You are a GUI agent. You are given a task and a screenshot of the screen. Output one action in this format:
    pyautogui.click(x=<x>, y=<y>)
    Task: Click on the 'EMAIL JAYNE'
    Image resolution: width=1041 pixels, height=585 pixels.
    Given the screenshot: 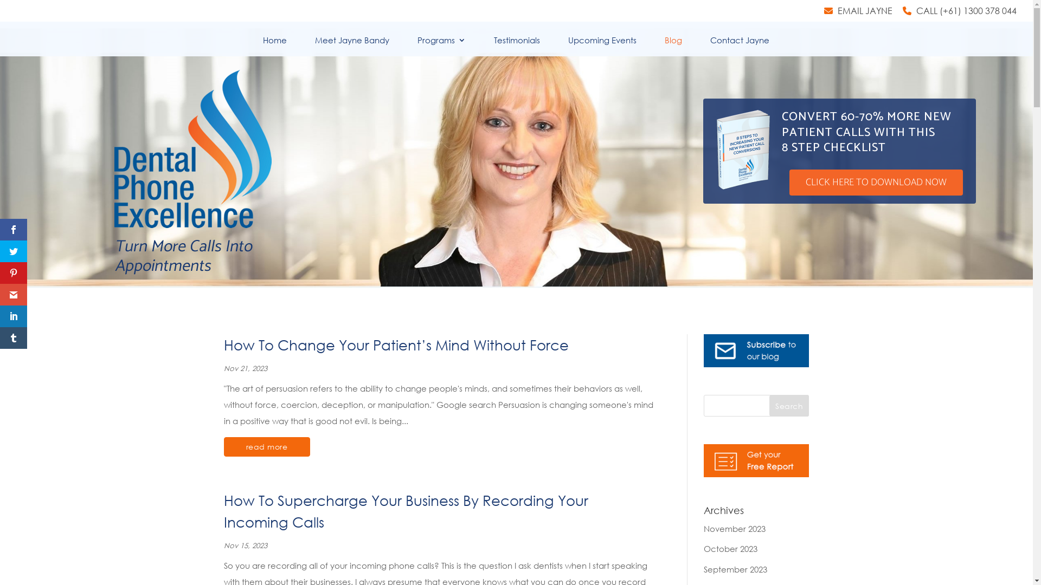 What is the action you would take?
    pyautogui.click(x=858, y=14)
    